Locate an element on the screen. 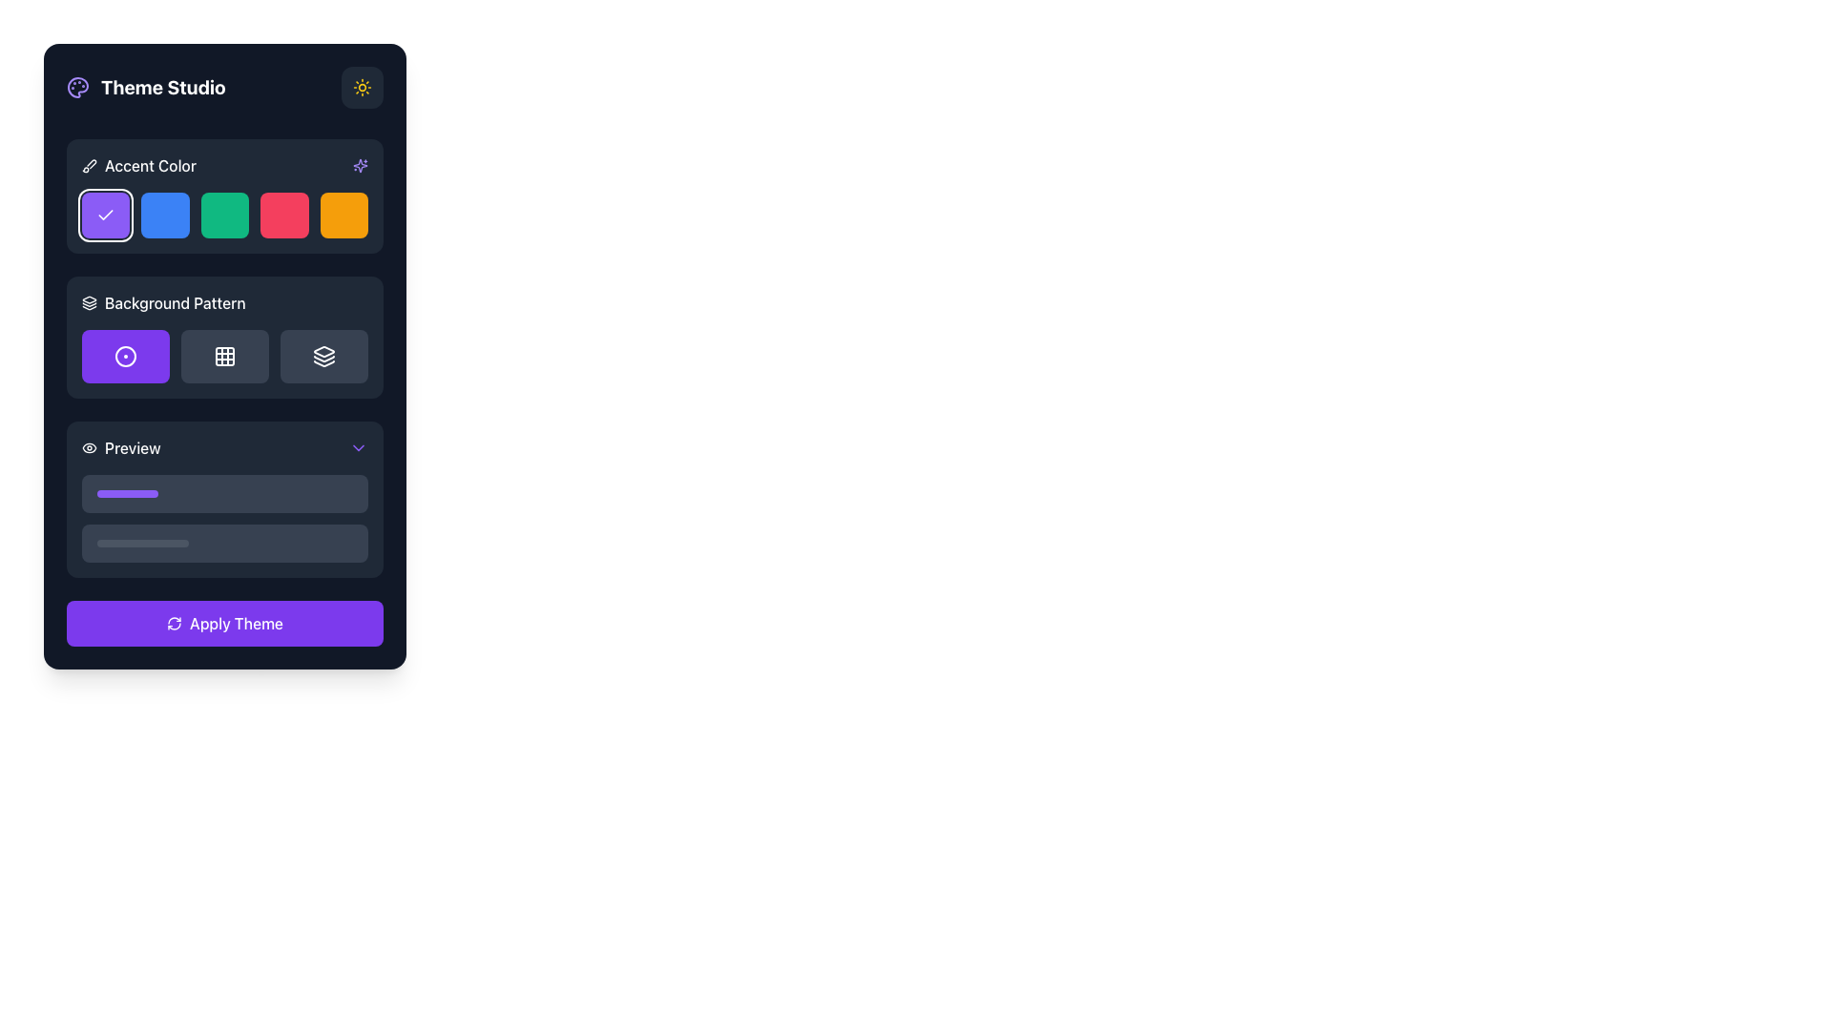 This screenshot has height=1030, width=1832. the SVG-based decorative icon located inside the button-like component to the right of the 'Theme Studio' title in the top section of the sidebar interface is located at coordinates (361, 164).